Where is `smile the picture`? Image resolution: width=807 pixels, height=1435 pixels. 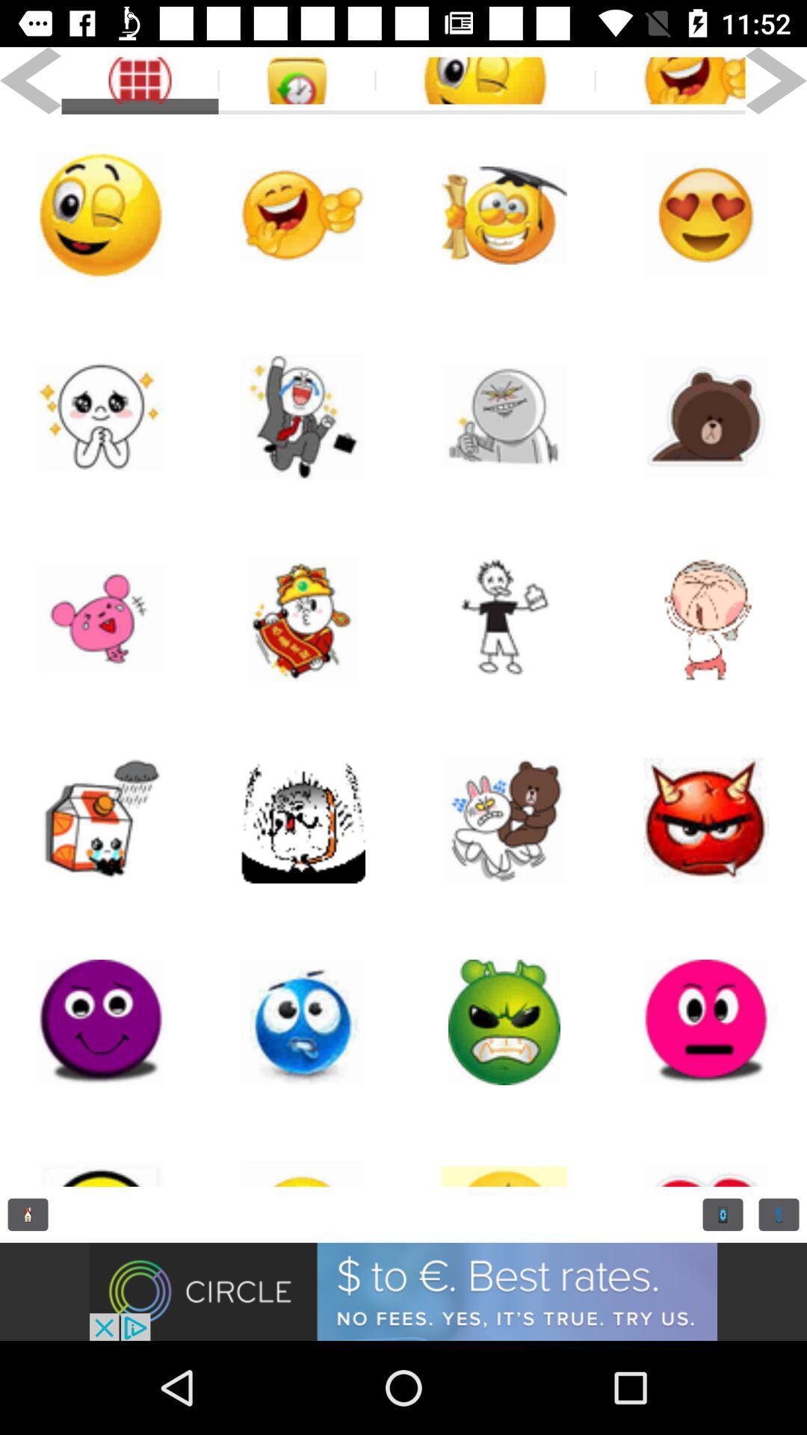
smile the picture is located at coordinates (670, 80).